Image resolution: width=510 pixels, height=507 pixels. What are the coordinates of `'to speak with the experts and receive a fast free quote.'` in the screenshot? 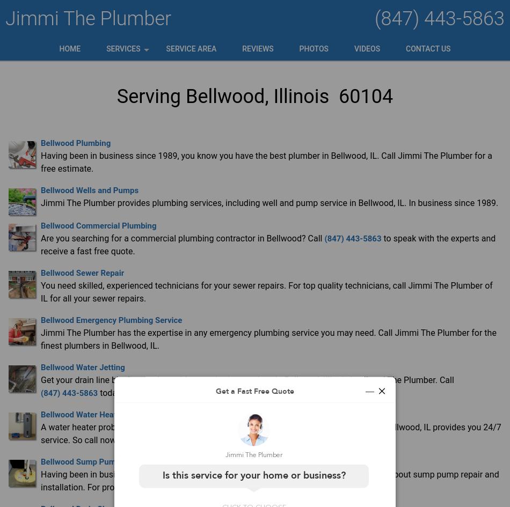 It's located at (268, 244).